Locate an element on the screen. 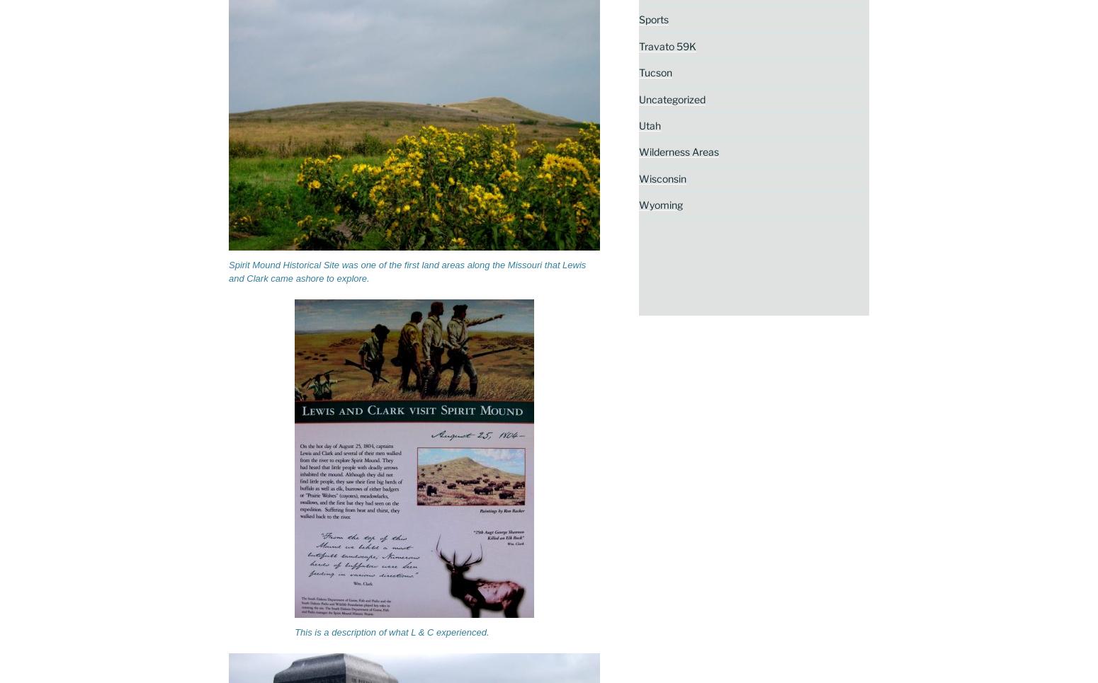 The height and width of the screenshot is (683, 1098). 'This is a description of what L & C experienced.' is located at coordinates (392, 631).